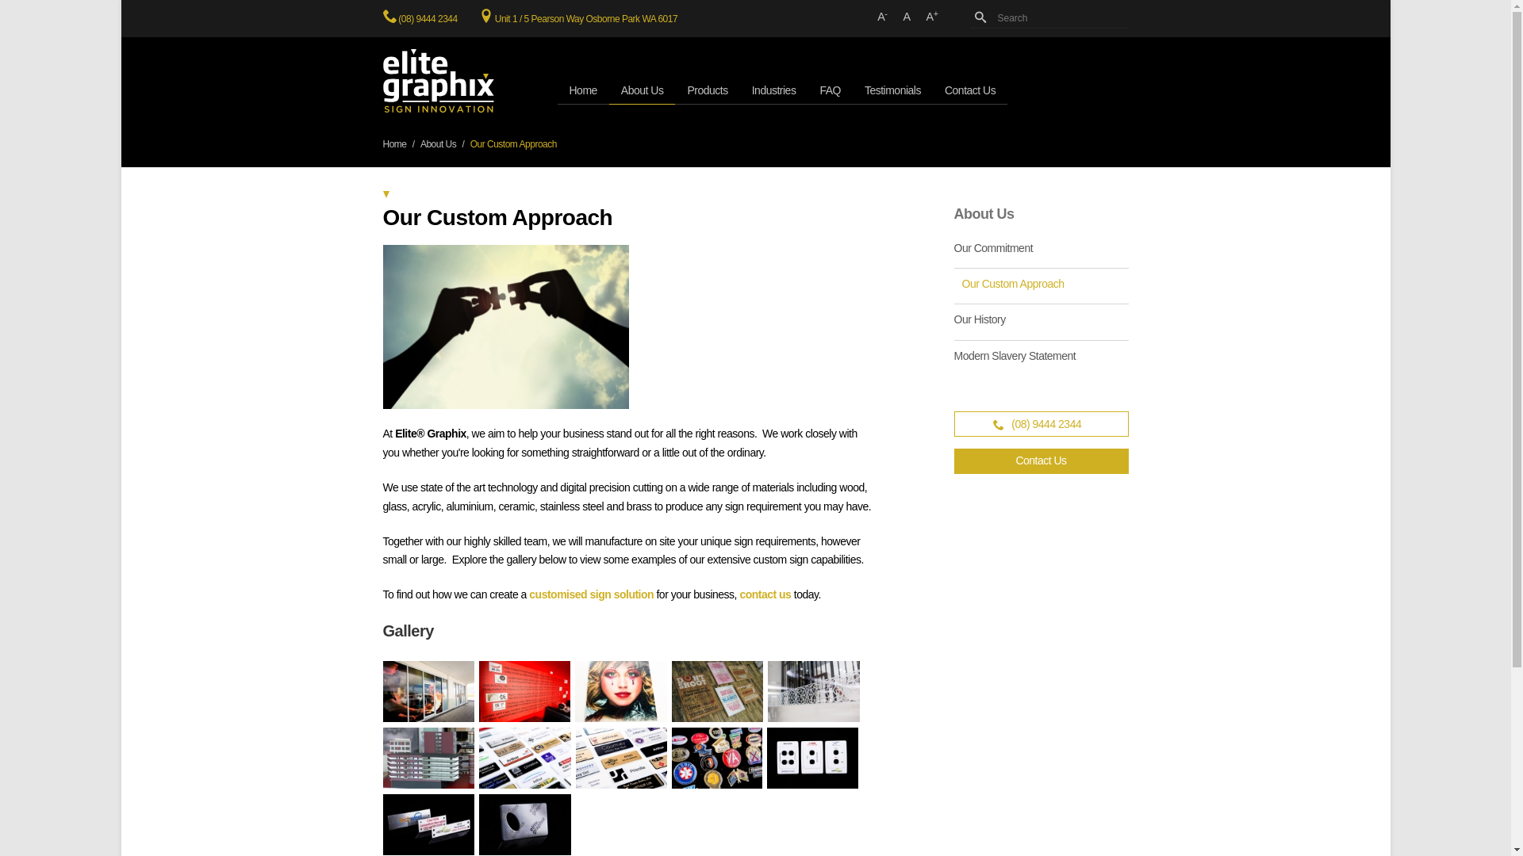  What do you see at coordinates (738, 594) in the screenshot?
I see `'contact us'` at bounding box center [738, 594].